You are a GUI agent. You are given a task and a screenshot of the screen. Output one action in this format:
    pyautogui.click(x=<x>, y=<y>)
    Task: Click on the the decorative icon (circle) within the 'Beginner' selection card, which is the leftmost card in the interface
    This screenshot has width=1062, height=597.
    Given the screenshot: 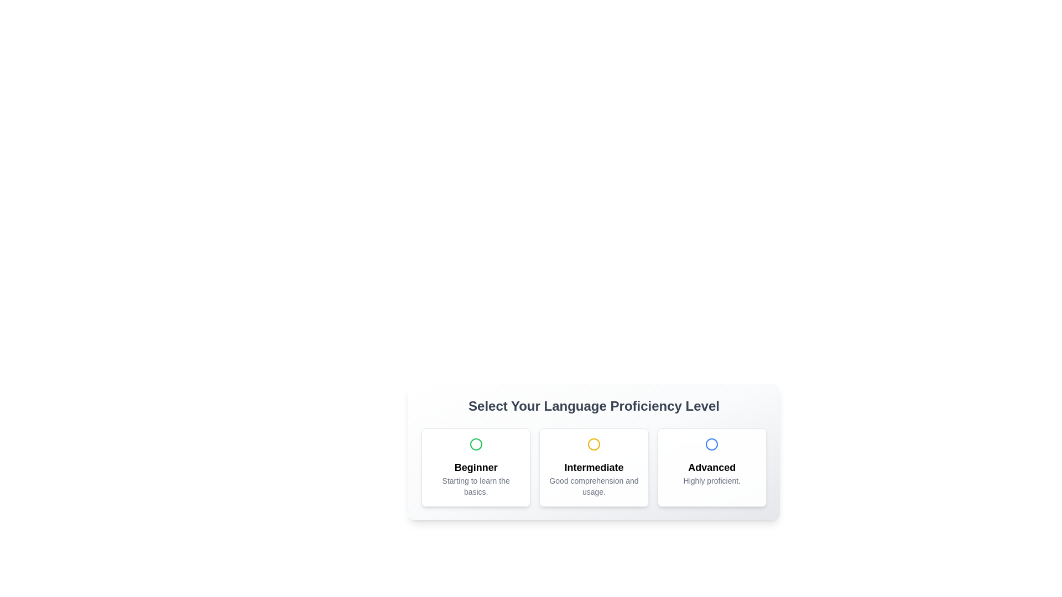 What is the action you would take?
    pyautogui.click(x=476, y=443)
    